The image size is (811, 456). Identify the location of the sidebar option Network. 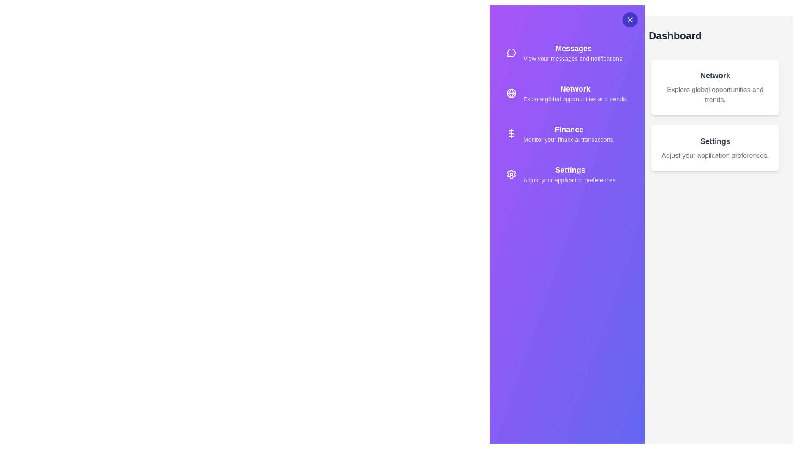
(567, 93).